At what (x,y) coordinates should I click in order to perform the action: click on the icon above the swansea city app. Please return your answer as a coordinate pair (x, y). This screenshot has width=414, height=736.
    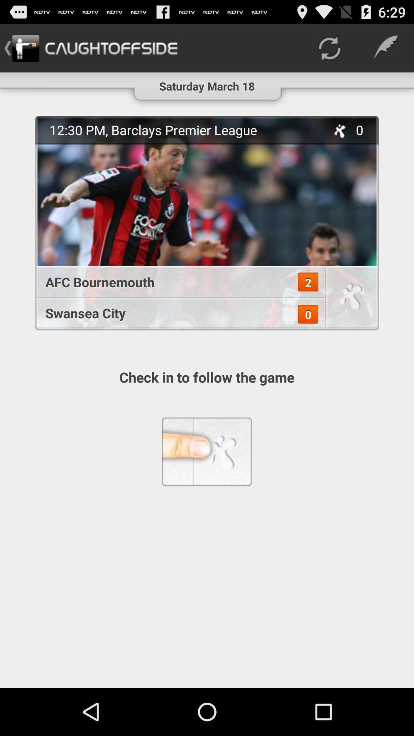
    Looking at the image, I should click on (307, 282).